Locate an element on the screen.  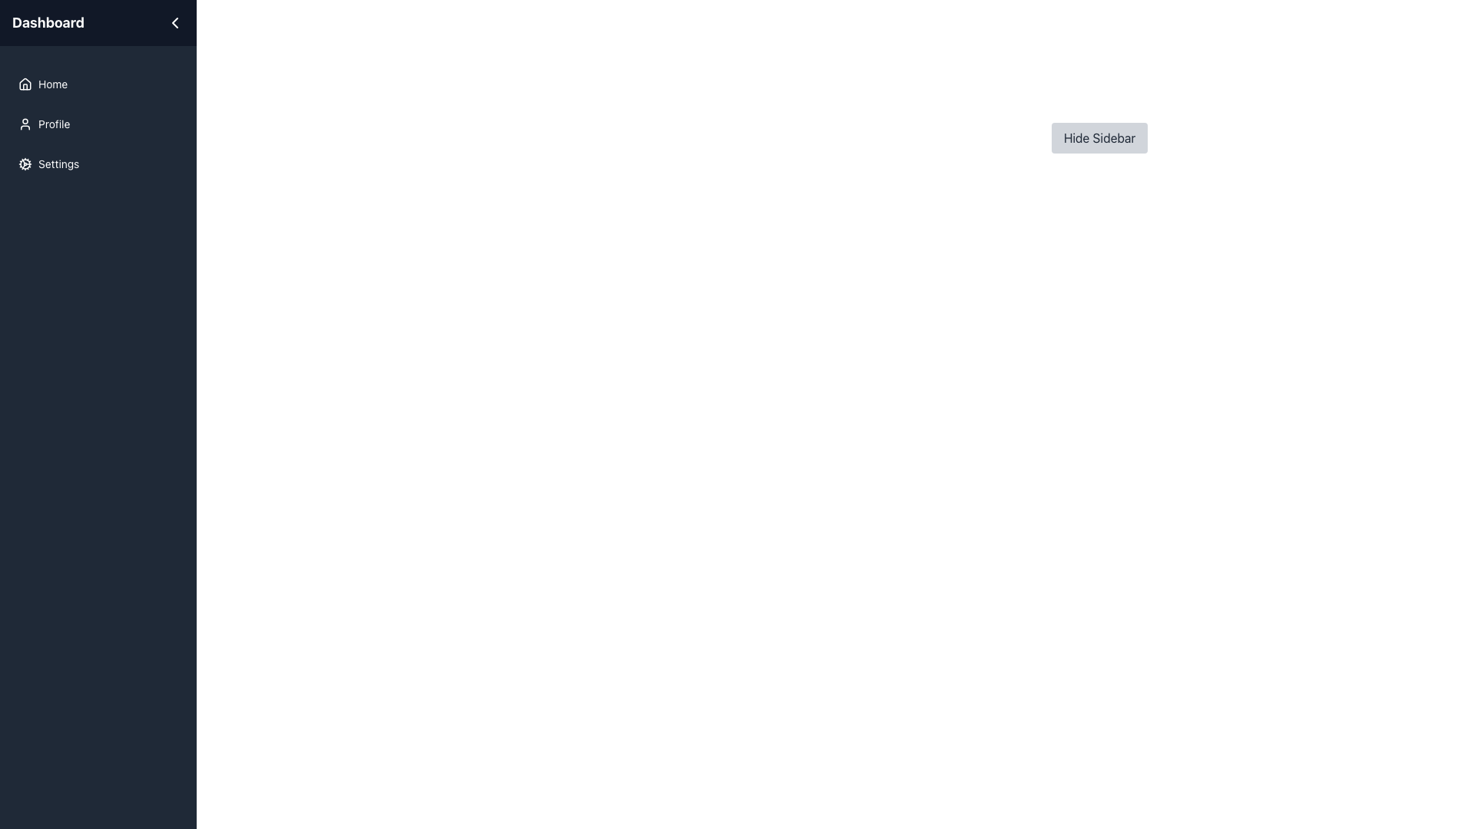
the house icon located in the sidebar menu, adjacent to the 'Home' label is located at coordinates (25, 84).